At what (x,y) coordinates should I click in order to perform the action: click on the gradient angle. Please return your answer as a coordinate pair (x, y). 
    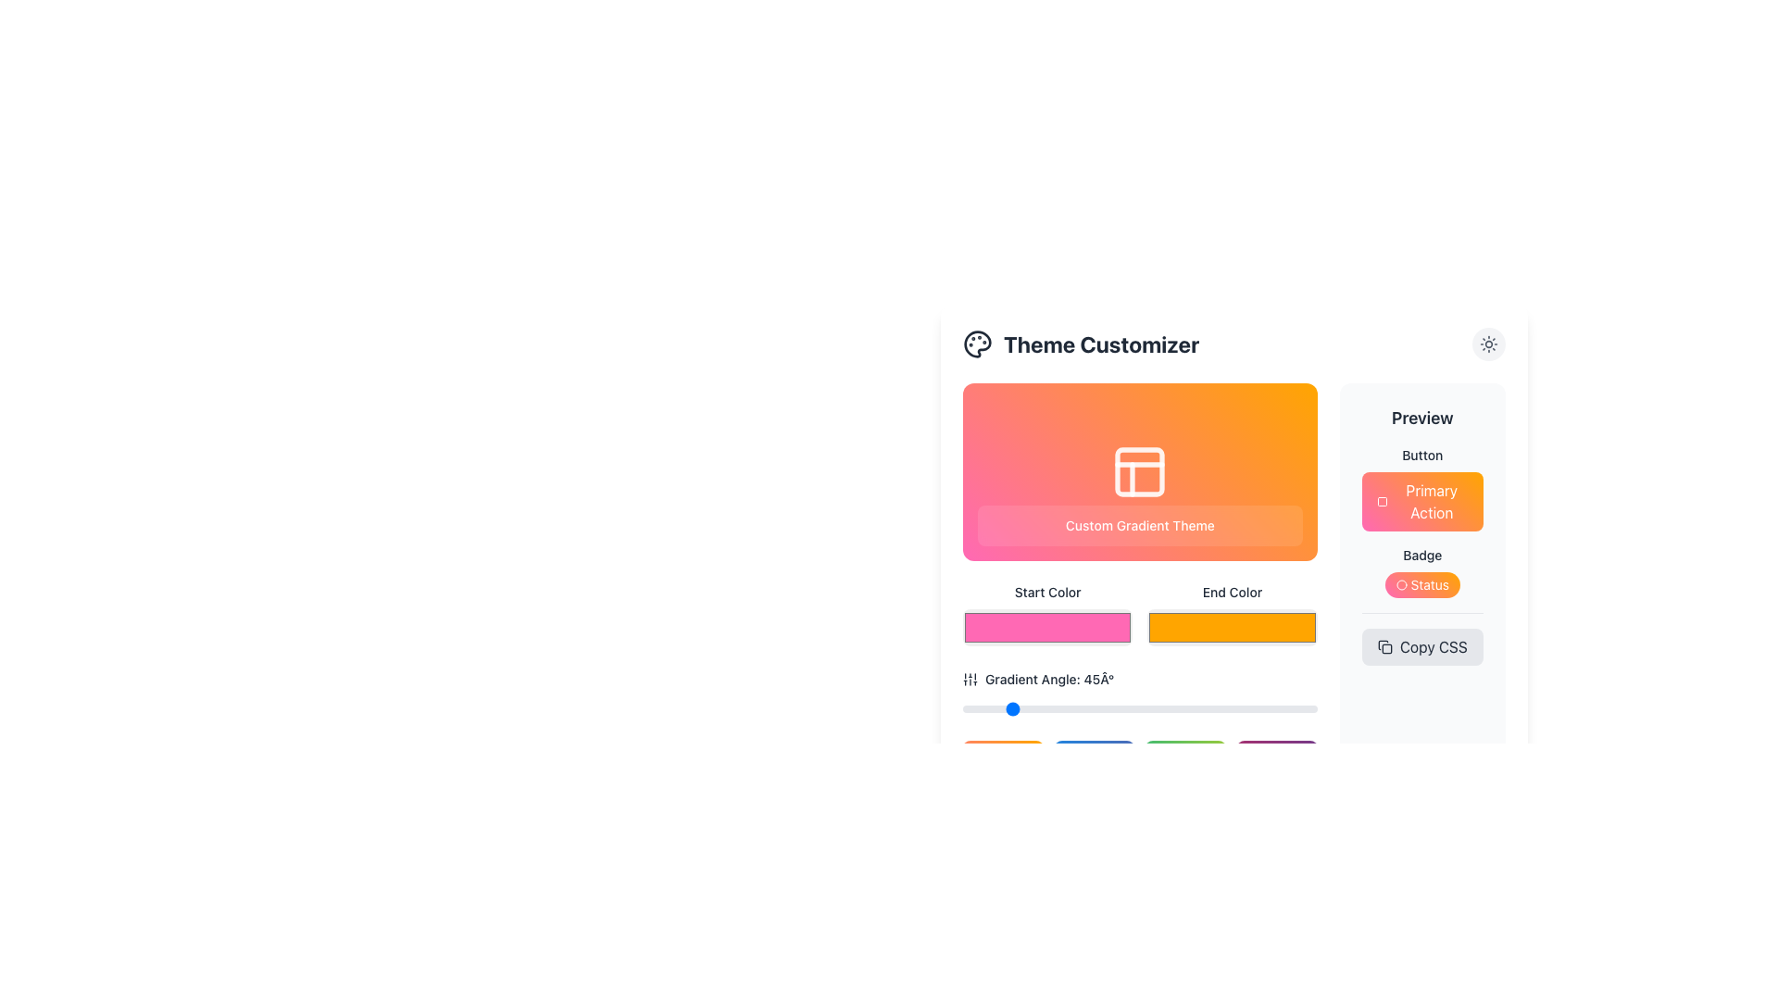
    Looking at the image, I should click on (1183, 708).